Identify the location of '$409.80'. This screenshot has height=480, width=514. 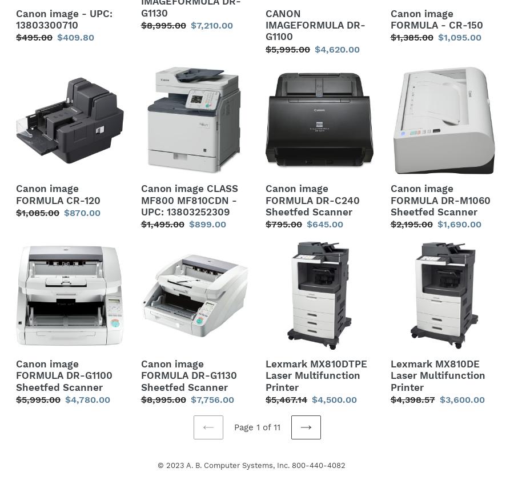
(77, 37).